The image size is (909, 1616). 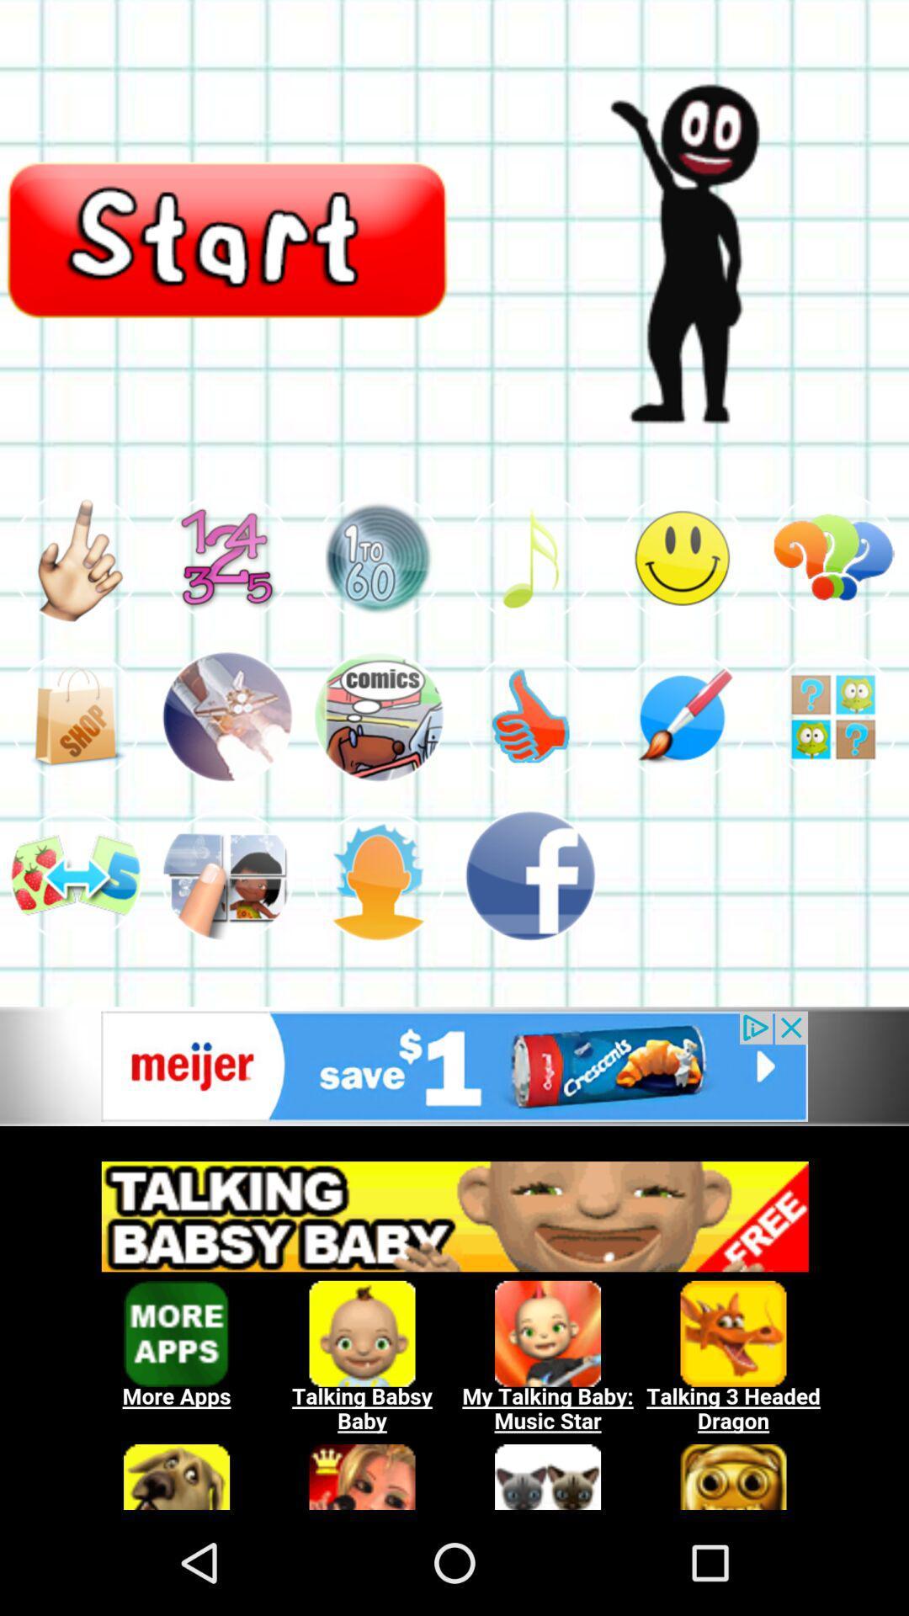 What do you see at coordinates (529, 597) in the screenshot?
I see `the music icon` at bounding box center [529, 597].